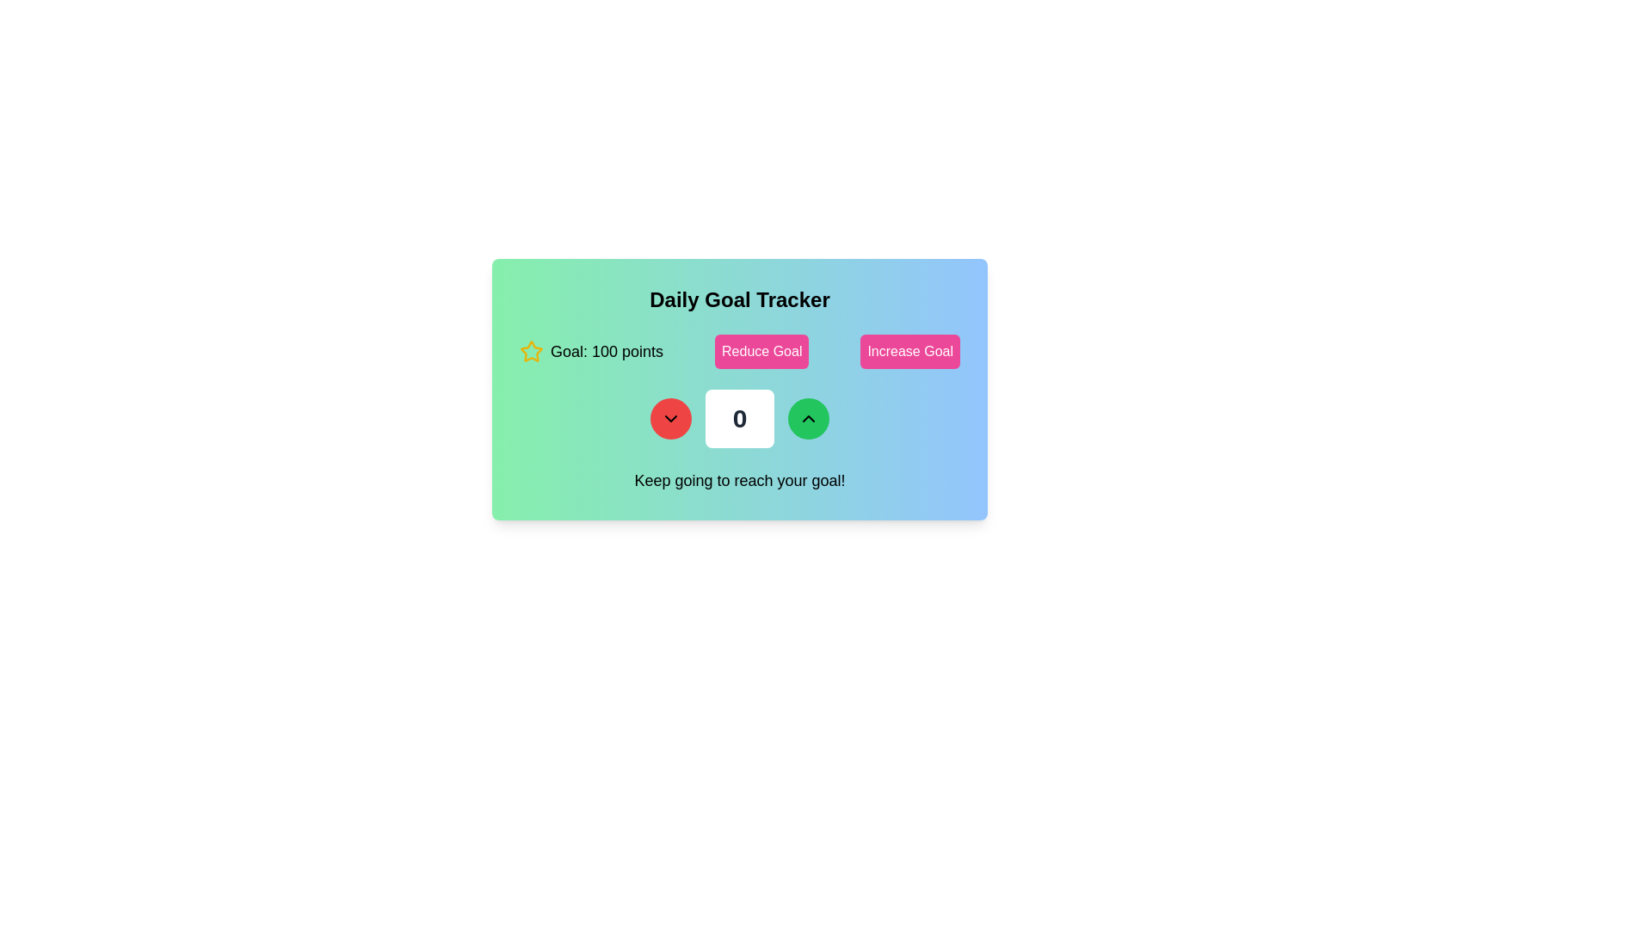 This screenshot has width=1652, height=929. I want to click on the motivational feedback text label located within the 'Daily Goal Tracker' section, positioned below the numeric progress indicator and button controls, so click(739, 481).